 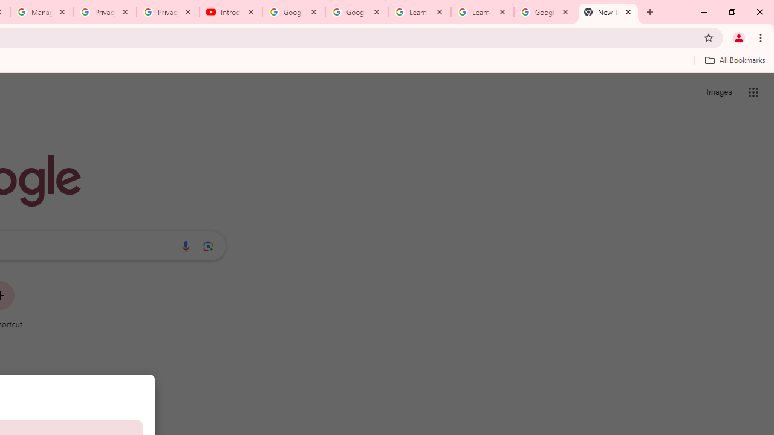 What do you see at coordinates (231, 12) in the screenshot?
I see `'Introduction | Google Privacy Policy - YouTube'` at bounding box center [231, 12].